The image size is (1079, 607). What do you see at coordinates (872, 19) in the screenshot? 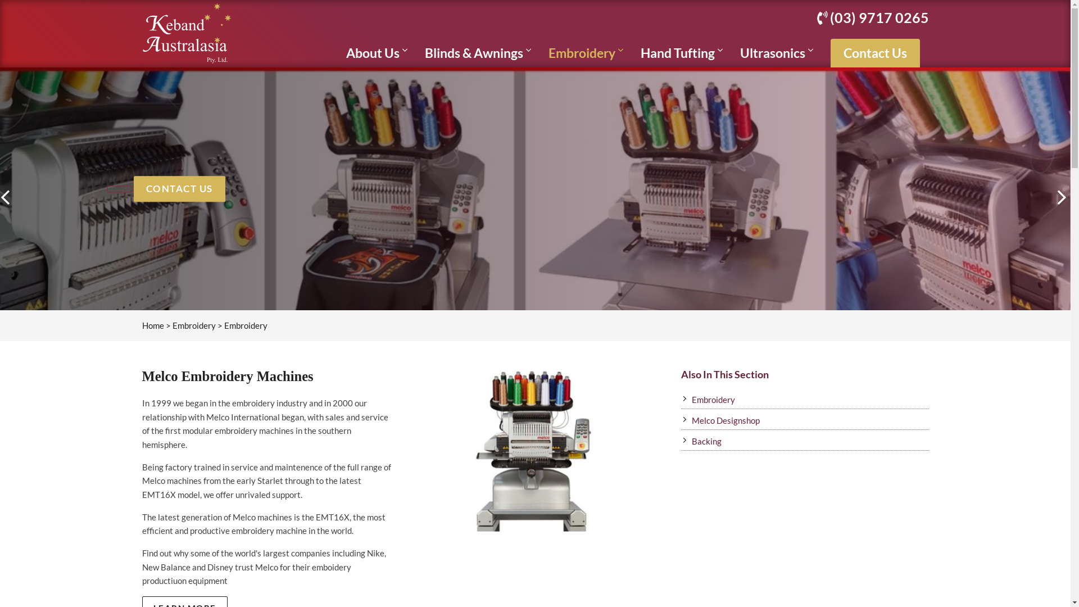
I see `'(03) 9717 0265'` at bounding box center [872, 19].